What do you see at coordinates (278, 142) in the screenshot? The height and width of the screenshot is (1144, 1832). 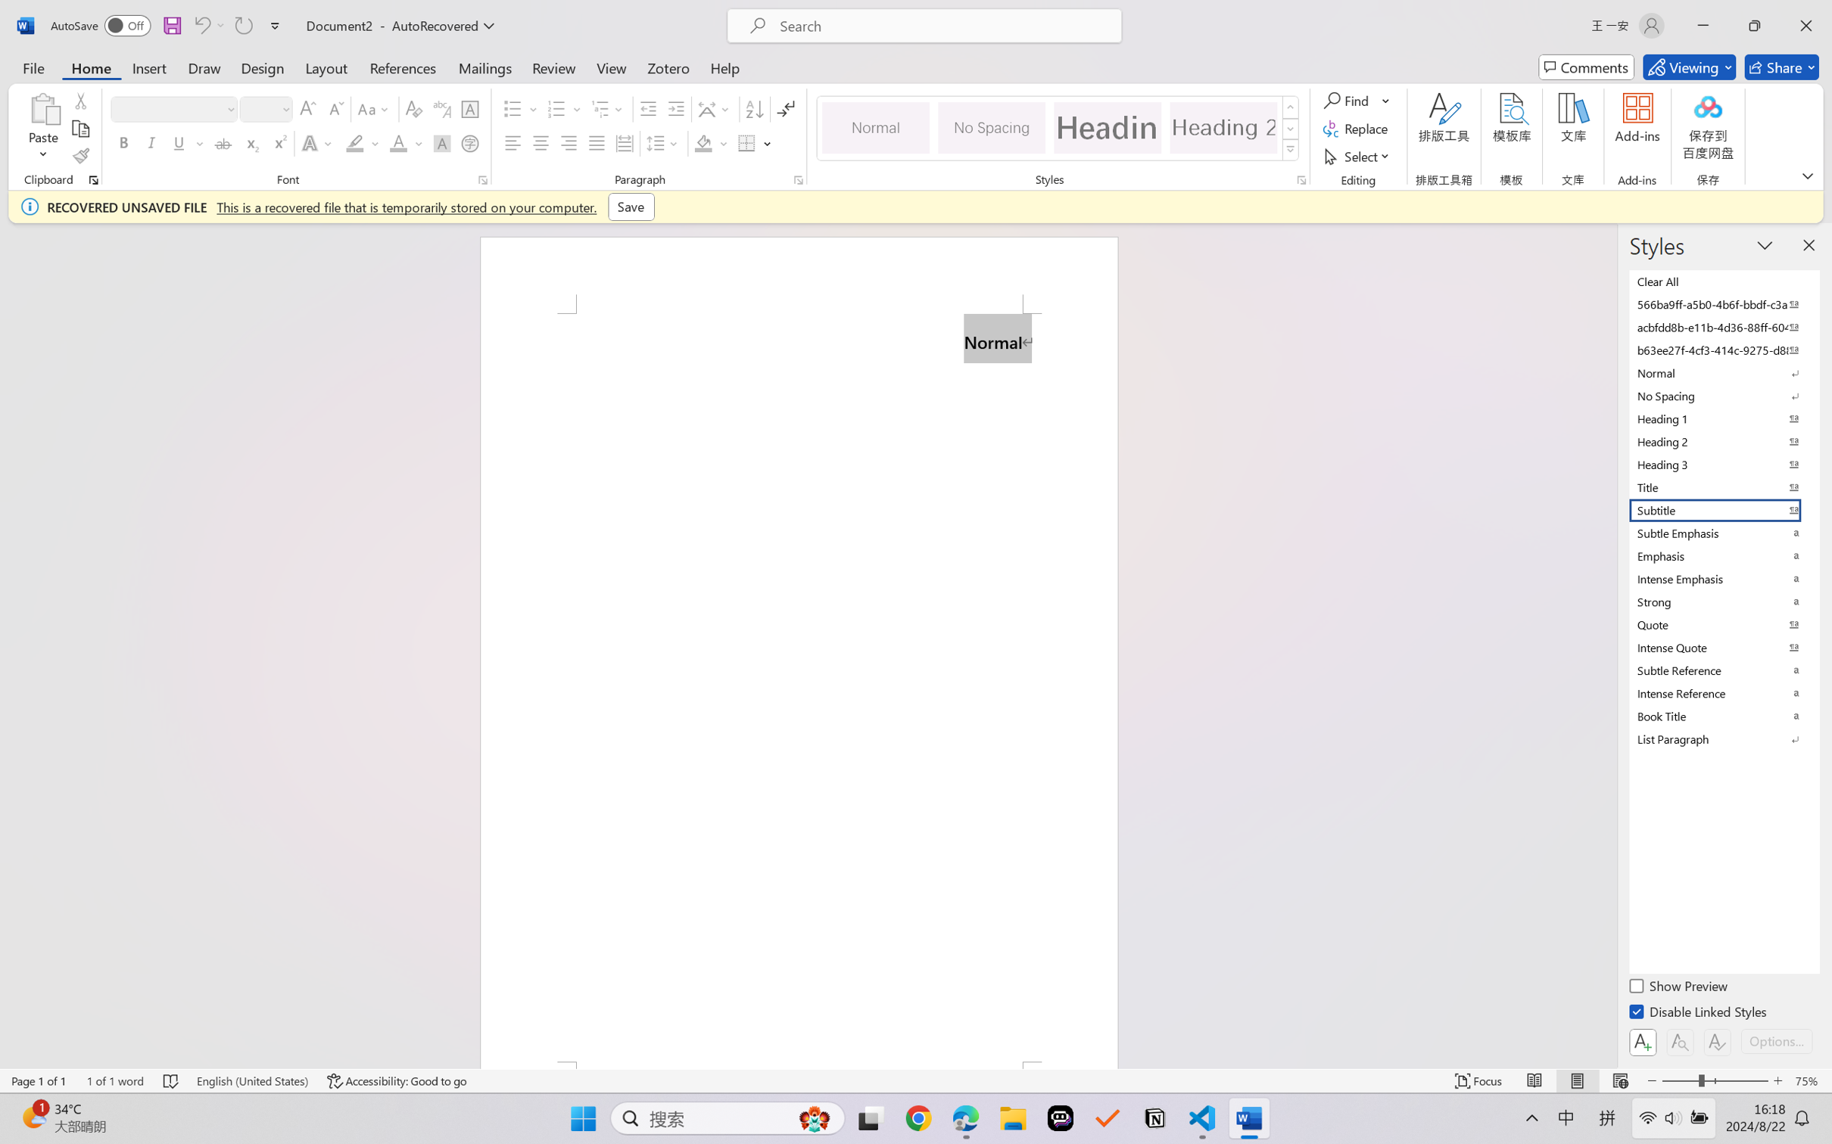 I see `'Superscript'` at bounding box center [278, 142].